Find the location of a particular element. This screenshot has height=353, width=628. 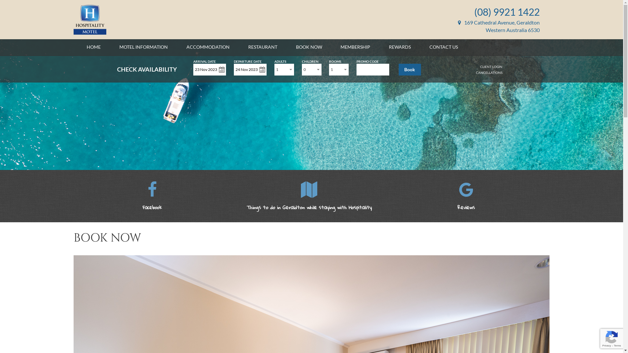

'CONTACT US' is located at coordinates (444, 46).